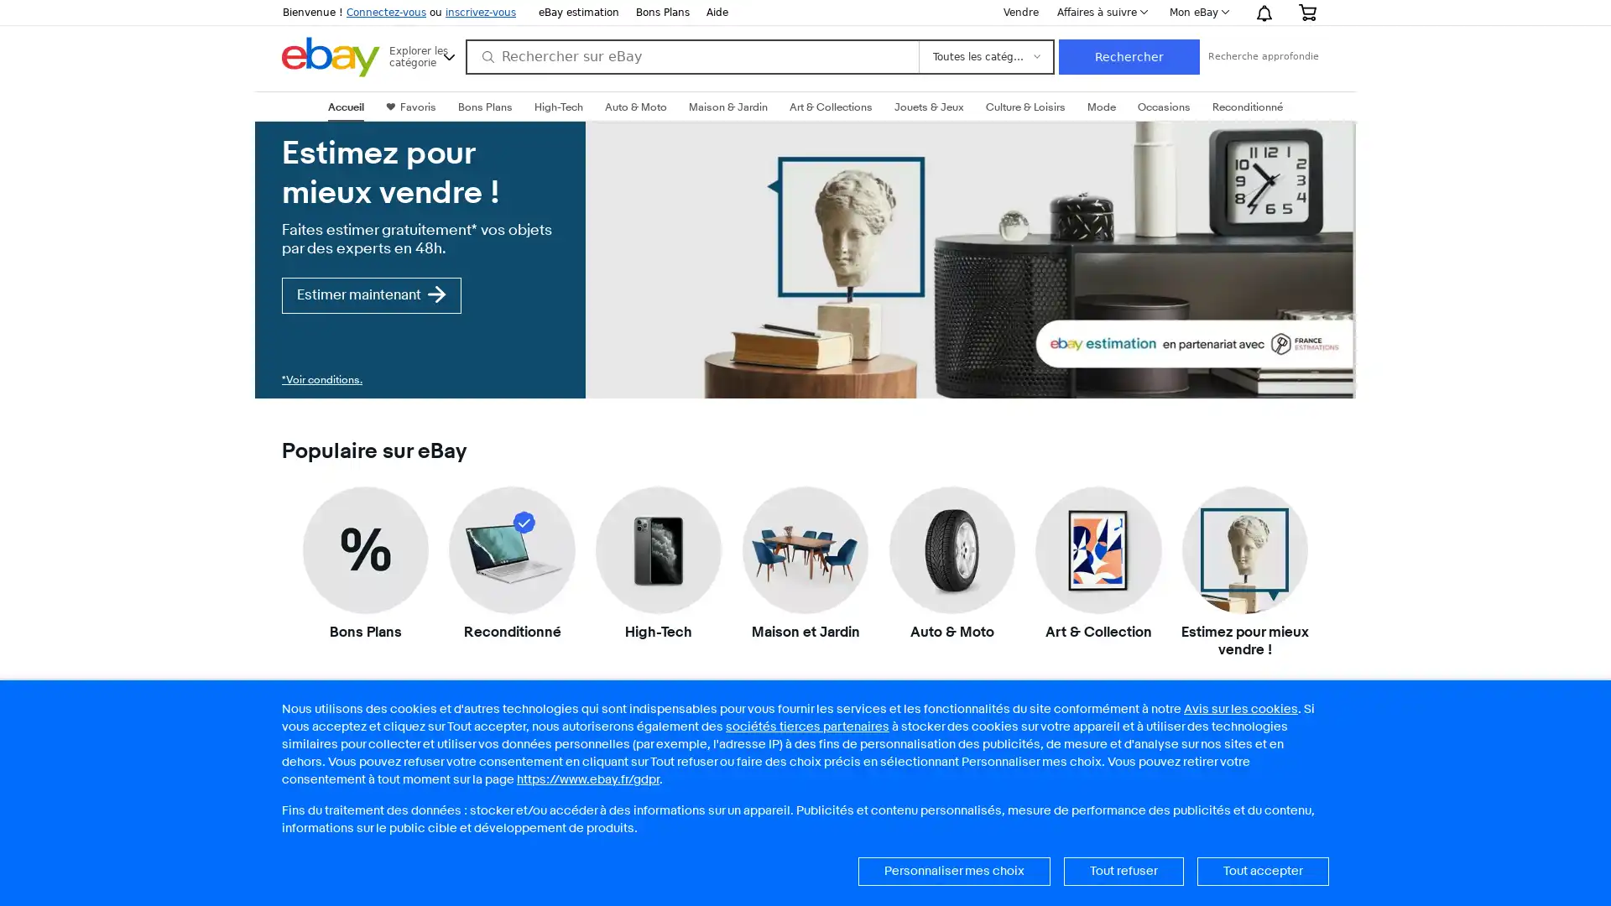 Image resolution: width=1611 pixels, height=906 pixels. What do you see at coordinates (295, 883) in the screenshot?
I see `Diapositive precedente - Bons plans` at bounding box center [295, 883].